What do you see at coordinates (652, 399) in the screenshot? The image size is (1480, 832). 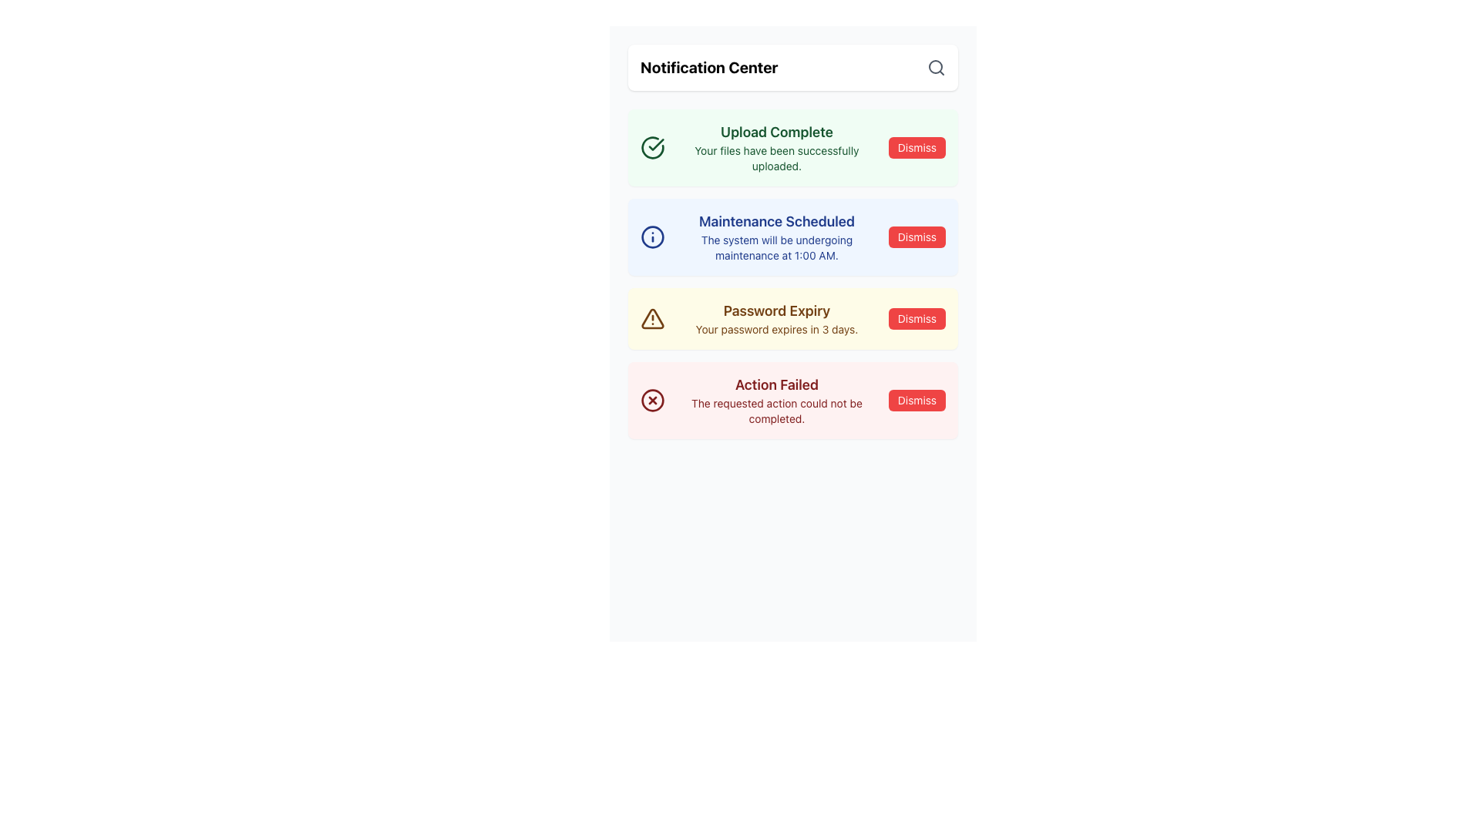 I see `the failure indicator icon located in the fourth notification of the 'Notification Center', which is positioned to the left of the text 'Action Failed'` at bounding box center [652, 399].